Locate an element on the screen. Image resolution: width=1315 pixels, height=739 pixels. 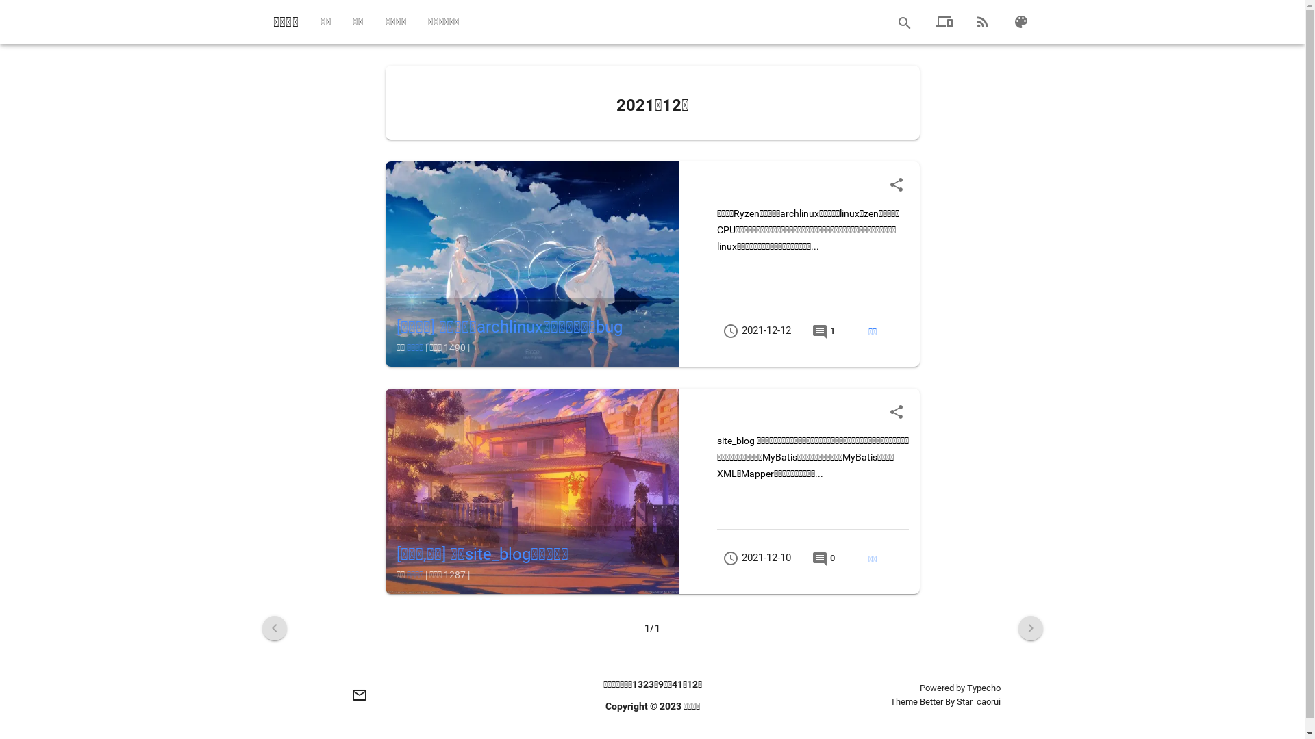
'Better' is located at coordinates (930, 701).